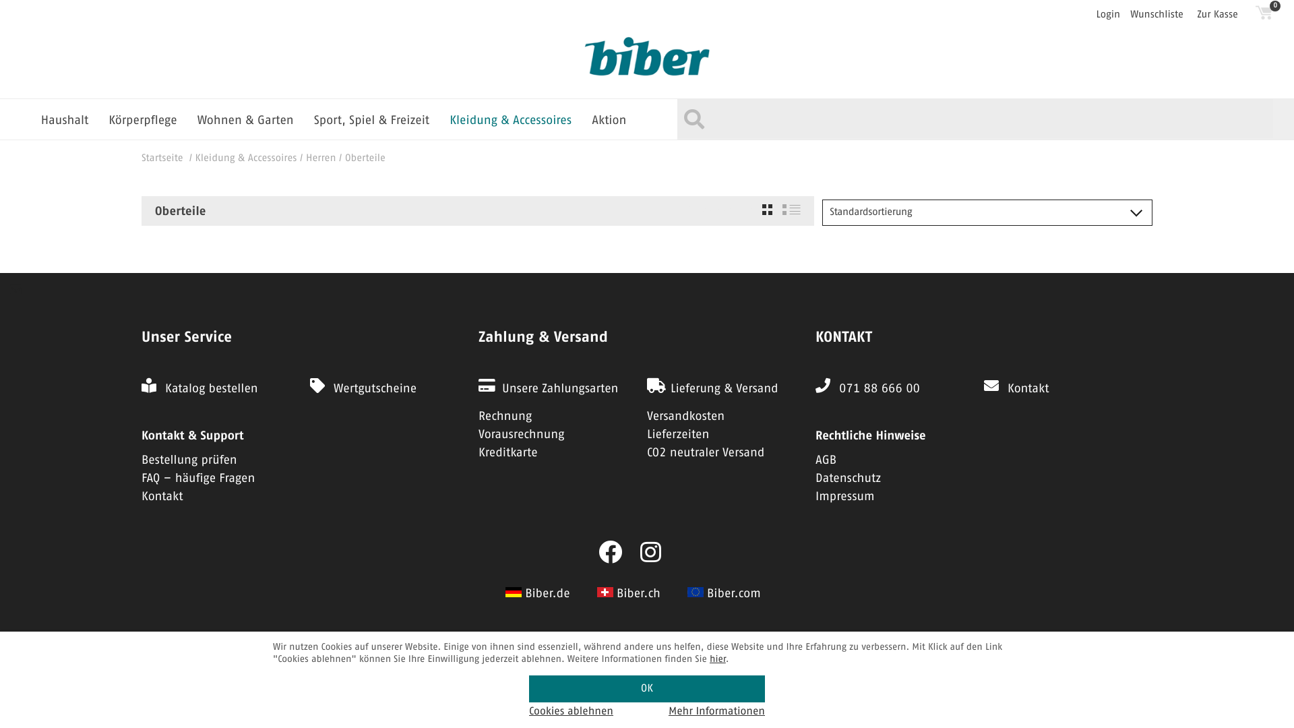 The width and height of the screenshot is (1294, 728). Describe the element at coordinates (547, 593) in the screenshot. I see `'Biber.de'` at that location.